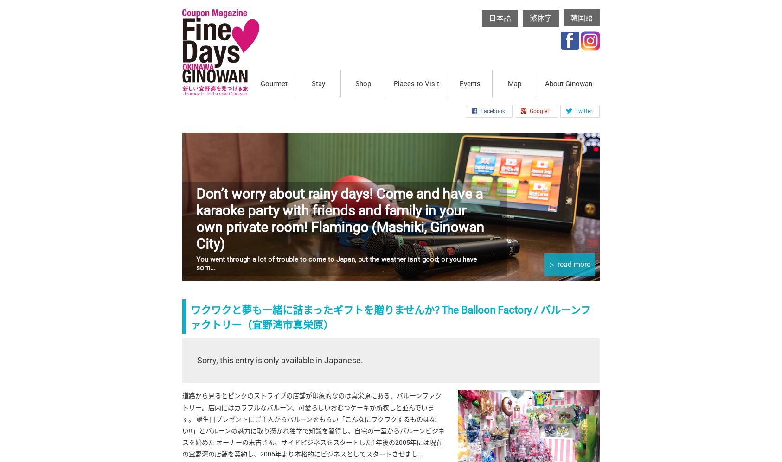 The height and width of the screenshot is (462, 782). Describe the element at coordinates (568, 83) in the screenshot. I see `'About Ginowan'` at that location.